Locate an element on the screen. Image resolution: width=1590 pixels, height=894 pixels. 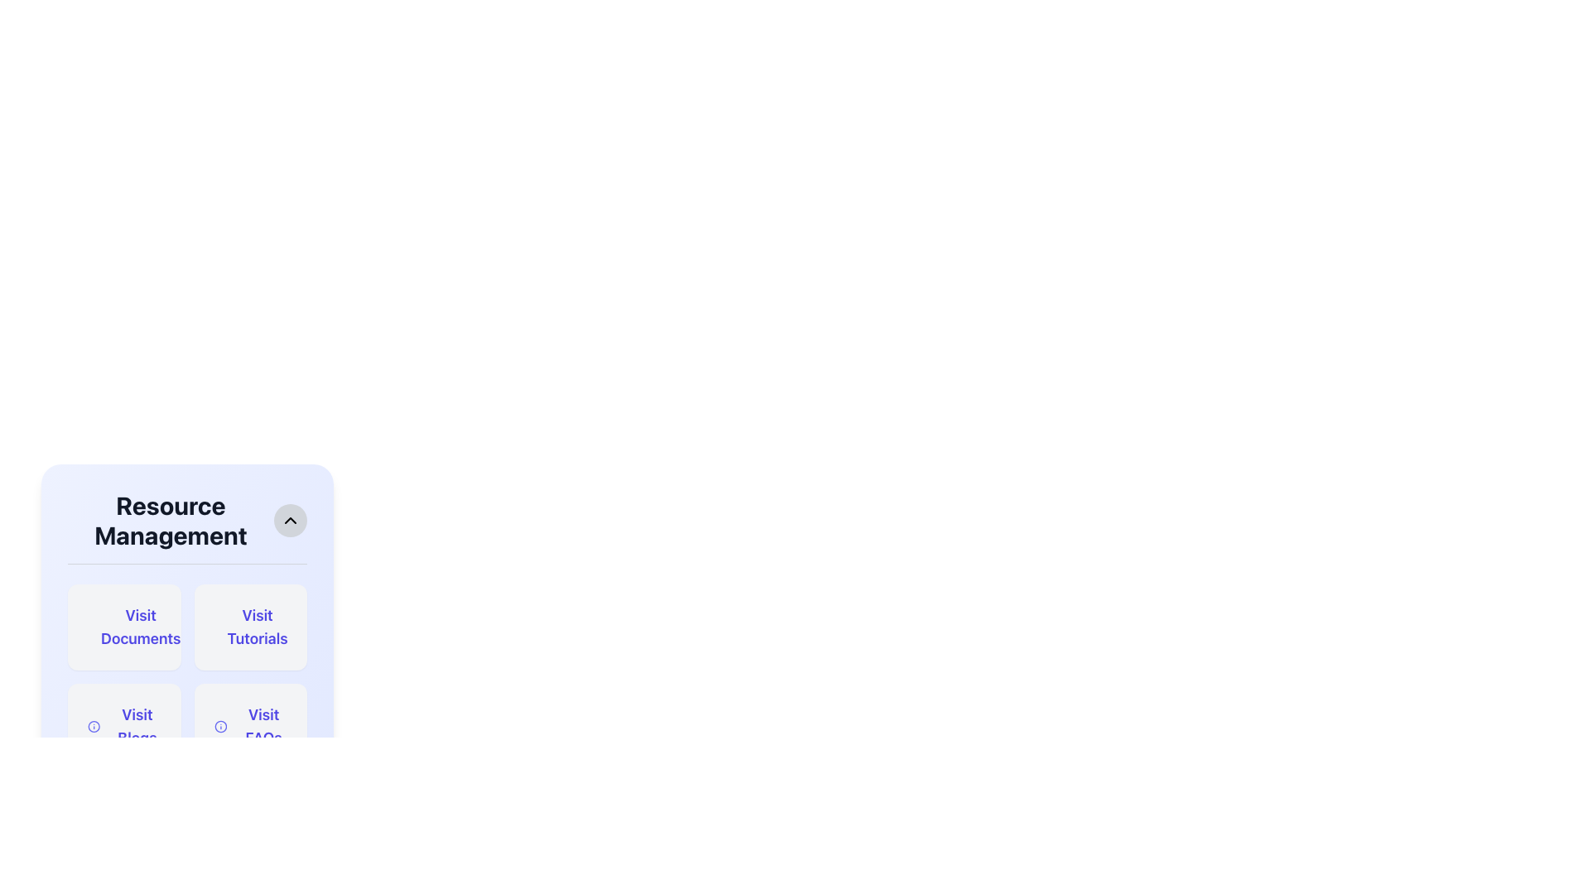
the hyperlink in the top-left corner of the grid under the 'Resource Management' heading is located at coordinates (141, 627).